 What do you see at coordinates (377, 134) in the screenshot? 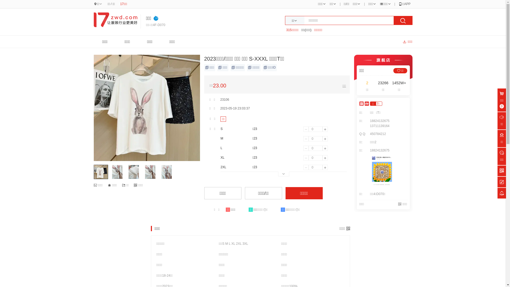
I see `'450784212'` at bounding box center [377, 134].